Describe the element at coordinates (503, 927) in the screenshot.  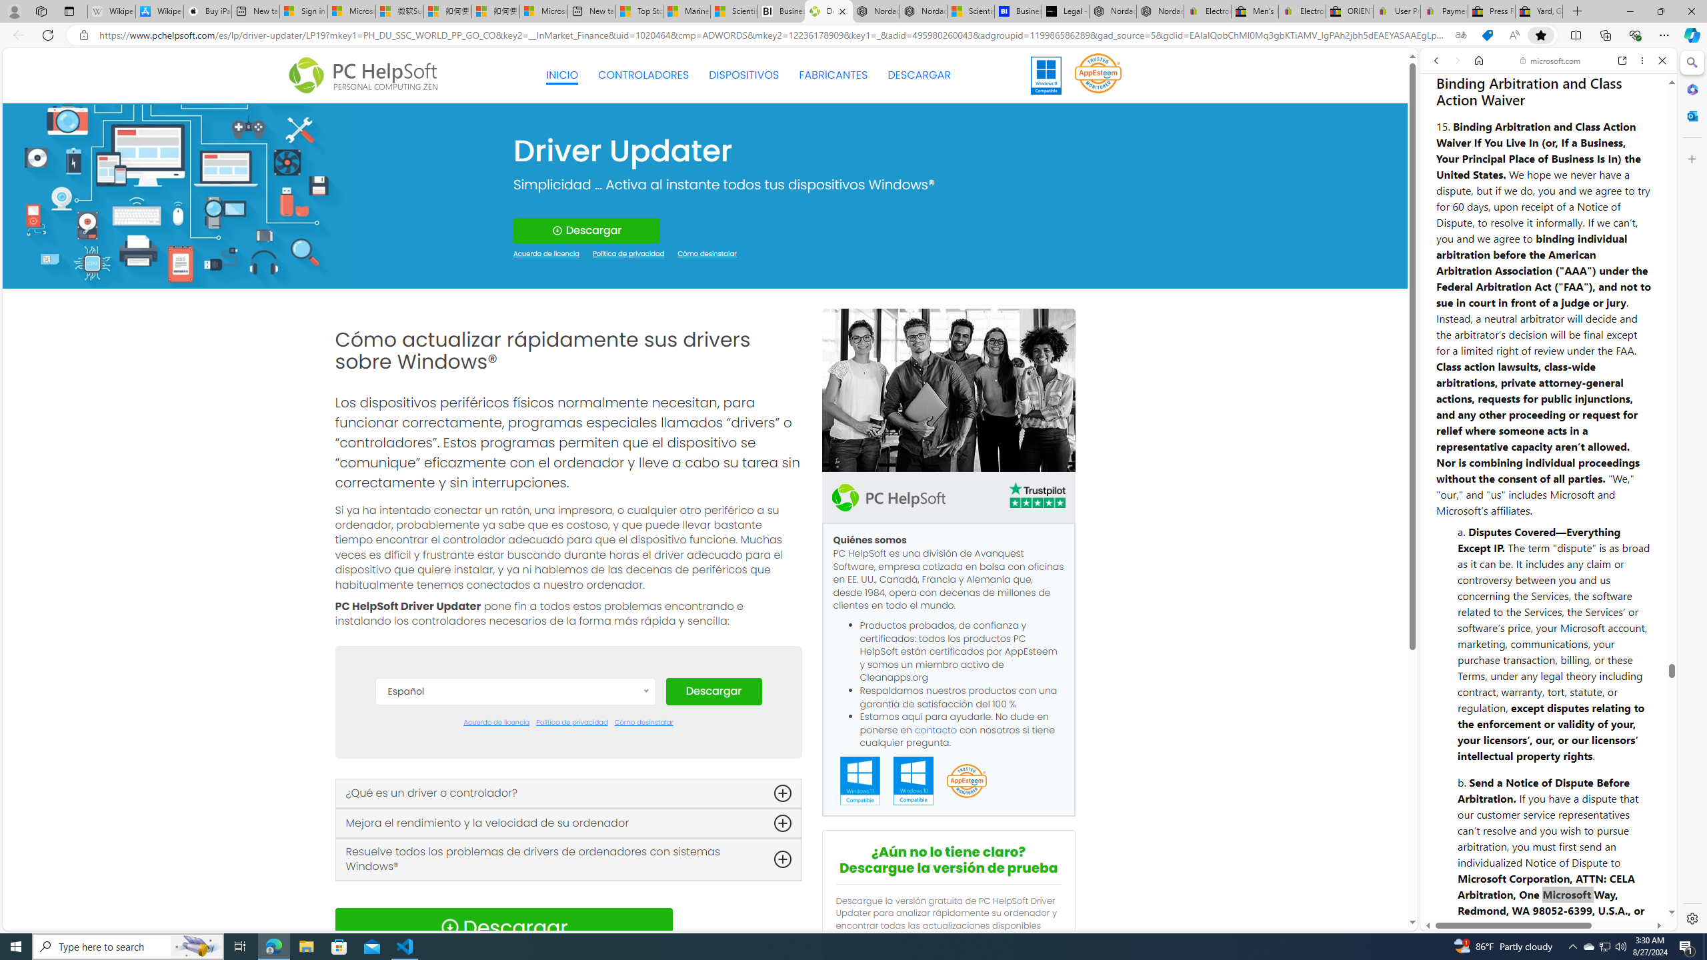
I see `'Download Icon Descargar'` at that location.